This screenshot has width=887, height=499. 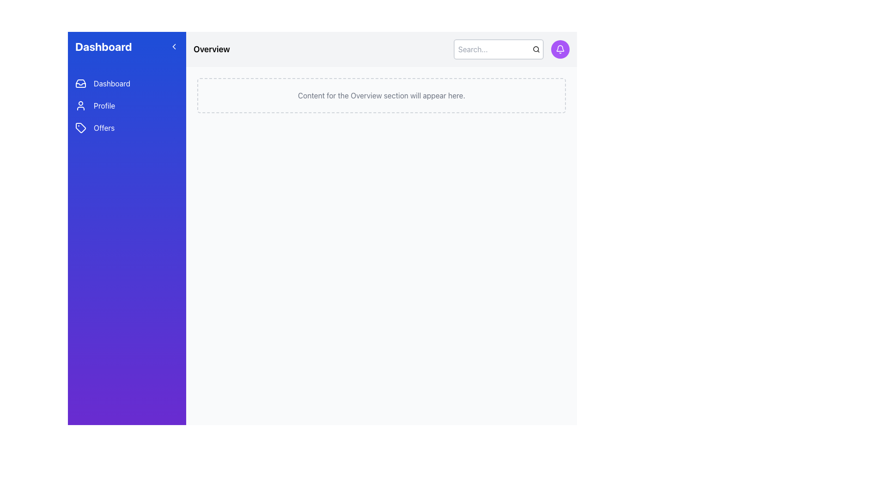 What do you see at coordinates (80, 105) in the screenshot?
I see `the user profile icon, which is a small circular silhouette with a head and shoulders, located next to the text 'Profile' in the vertical navigation menu` at bounding box center [80, 105].